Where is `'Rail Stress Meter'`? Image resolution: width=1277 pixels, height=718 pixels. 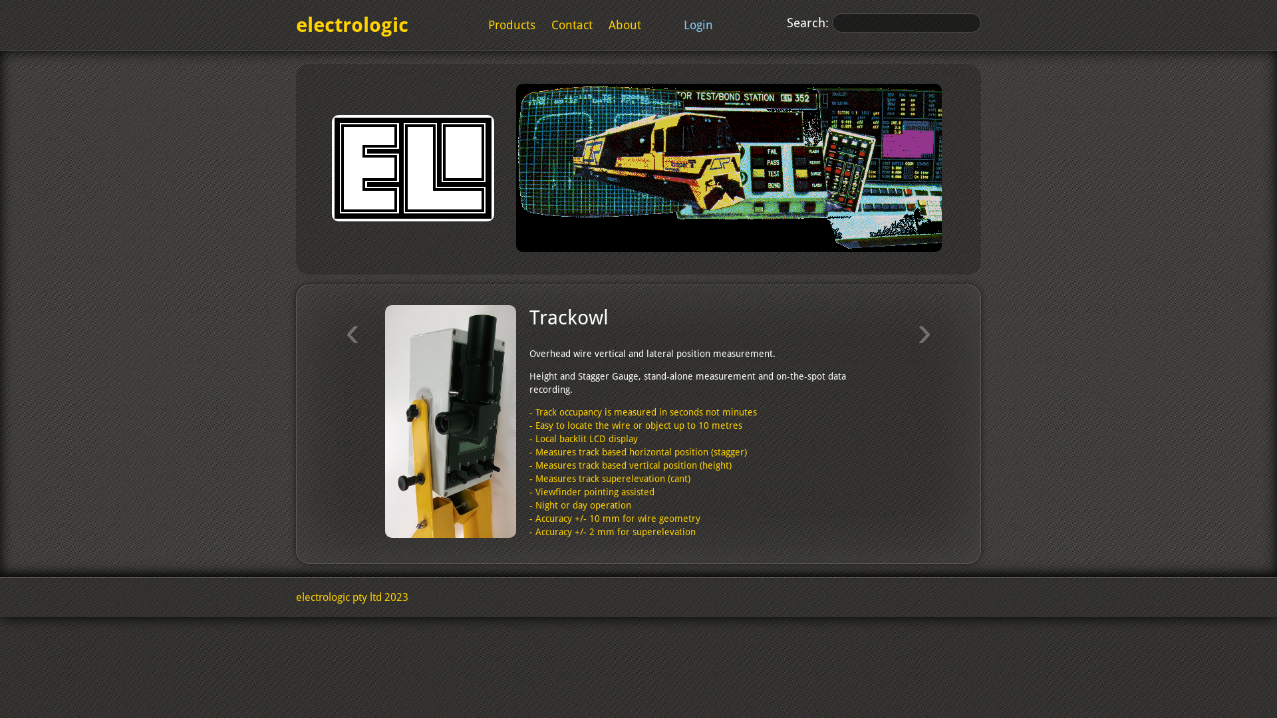
'Rail Stress Meter' is located at coordinates (92, 317).